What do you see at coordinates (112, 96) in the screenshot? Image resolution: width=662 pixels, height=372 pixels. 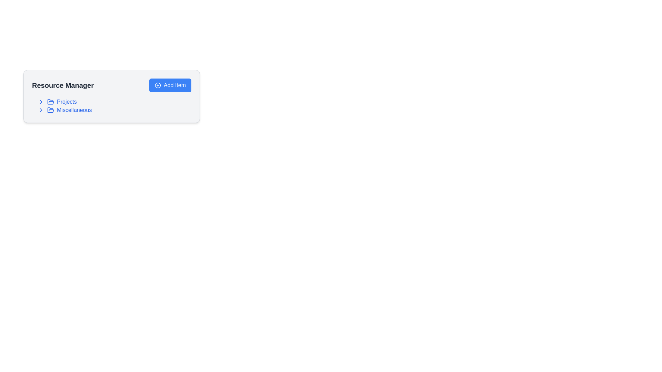 I see `the 'Add Item' button located at the top right of the 'Resource Manager' card, which has a light gray background and rounded corners` at bounding box center [112, 96].